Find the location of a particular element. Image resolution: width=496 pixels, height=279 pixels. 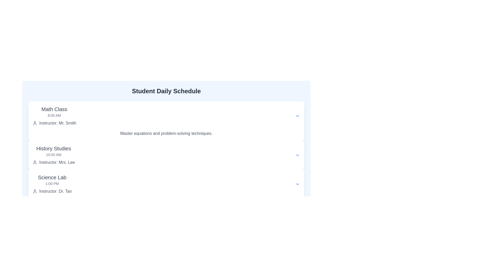

the text label that displays 'Instructor: Mrs. Lee', which is located beneath the '10:00 AM' label in the History Studies section is located at coordinates (53, 162).